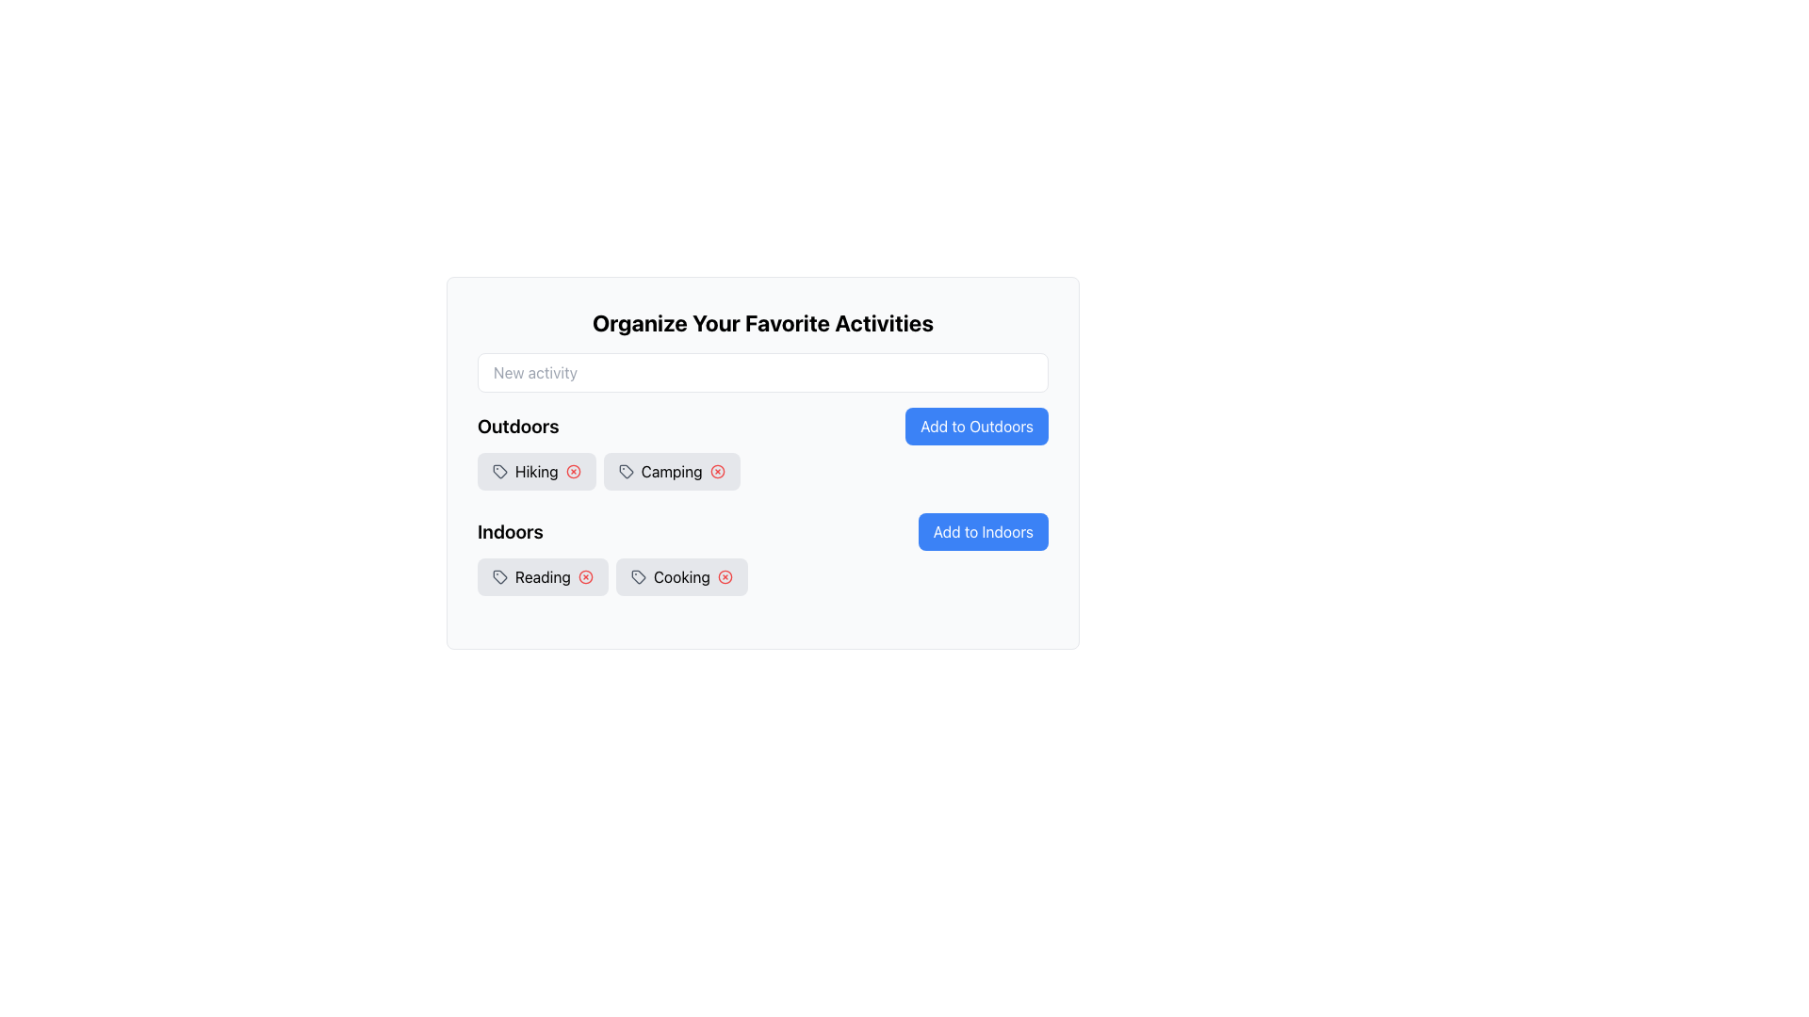  I want to click on the delete icon associated with the activity label 'Cooking', so click(680, 576).